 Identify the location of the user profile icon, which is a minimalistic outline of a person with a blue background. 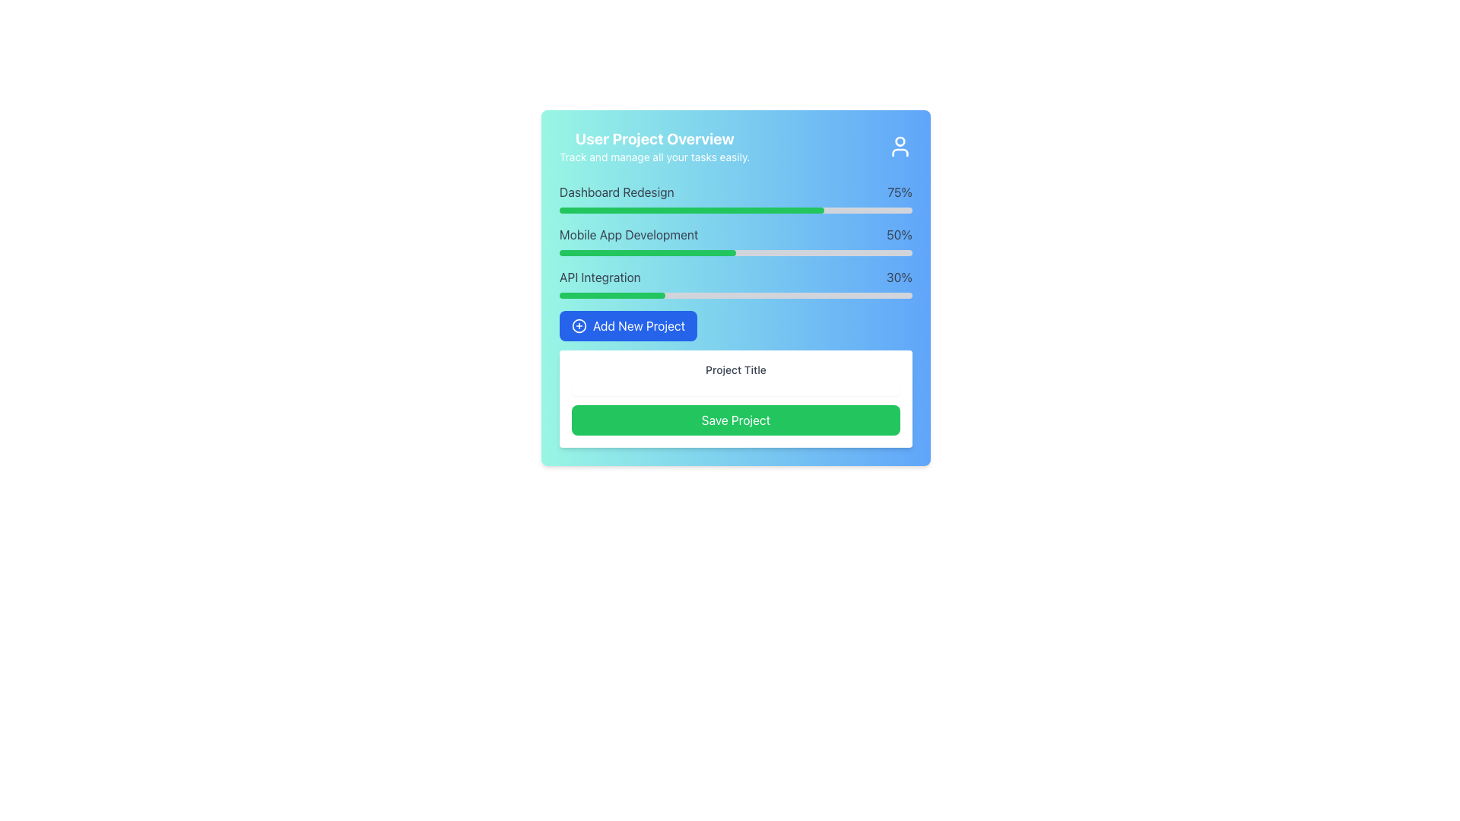
(900, 146).